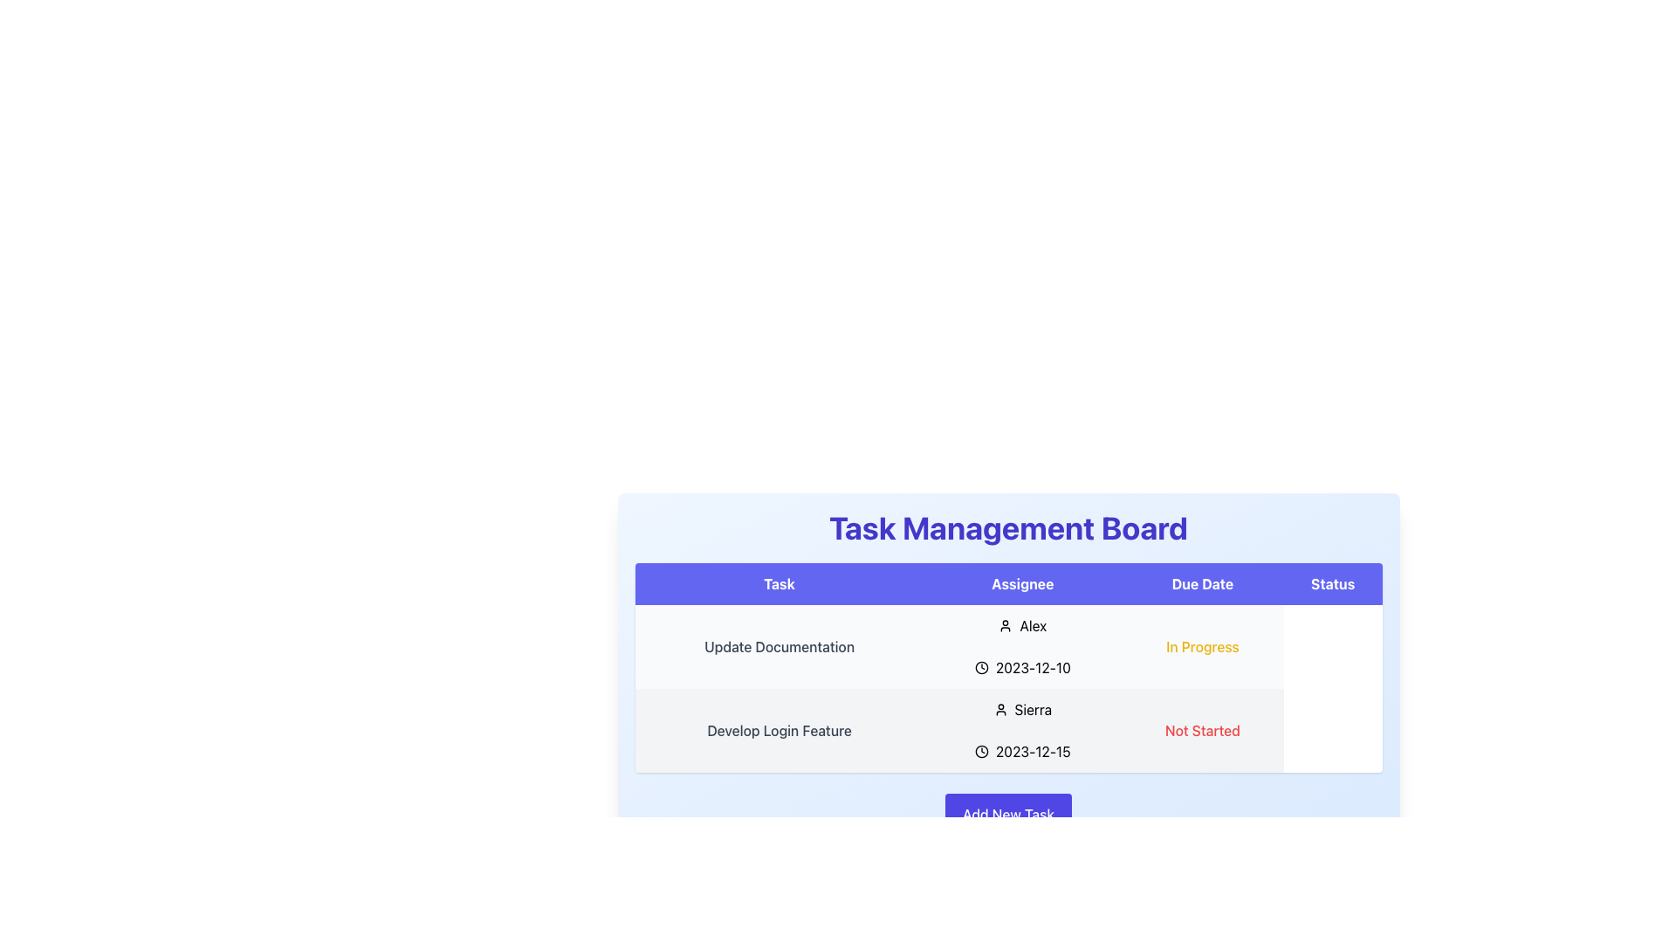 This screenshot has width=1676, height=943. What do you see at coordinates (1022, 625) in the screenshot?
I see `the user icon next to the label 'Alex' in the Assignee column of the data table for potential actions` at bounding box center [1022, 625].